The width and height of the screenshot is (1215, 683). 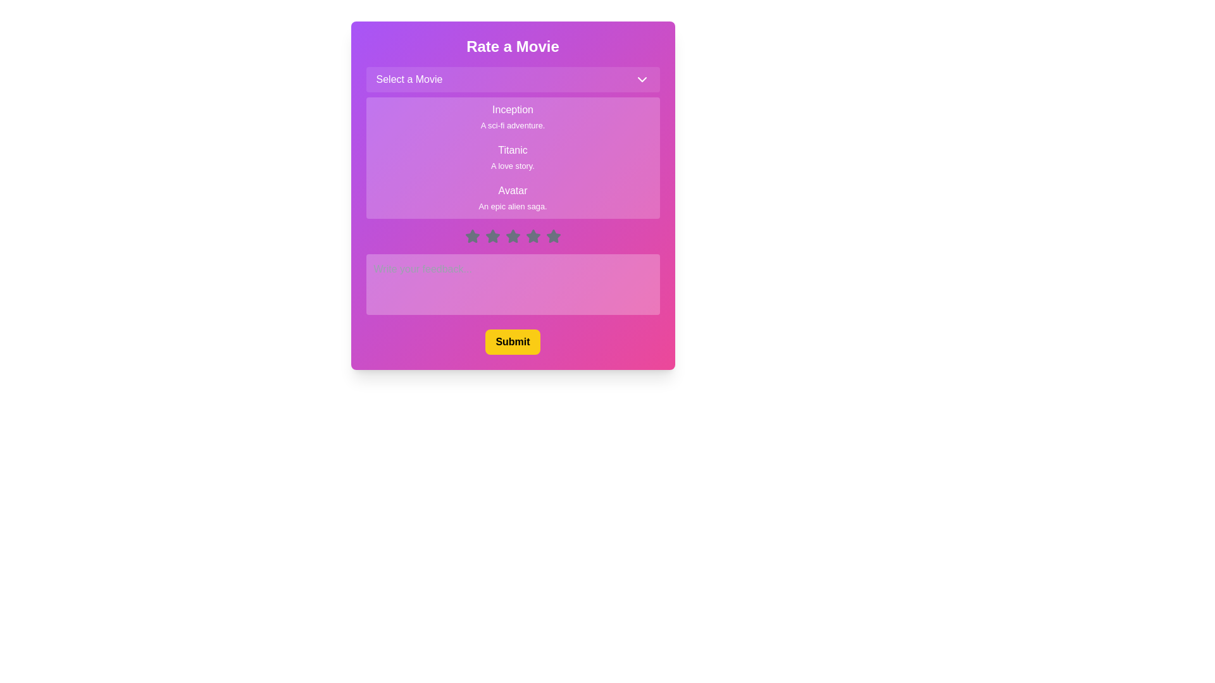 What do you see at coordinates (513, 206) in the screenshot?
I see `the static text element displaying 'An epic alien saga.' which is located below the movie title 'Avatar' and above the rating section` at bounding box center [513, 206].